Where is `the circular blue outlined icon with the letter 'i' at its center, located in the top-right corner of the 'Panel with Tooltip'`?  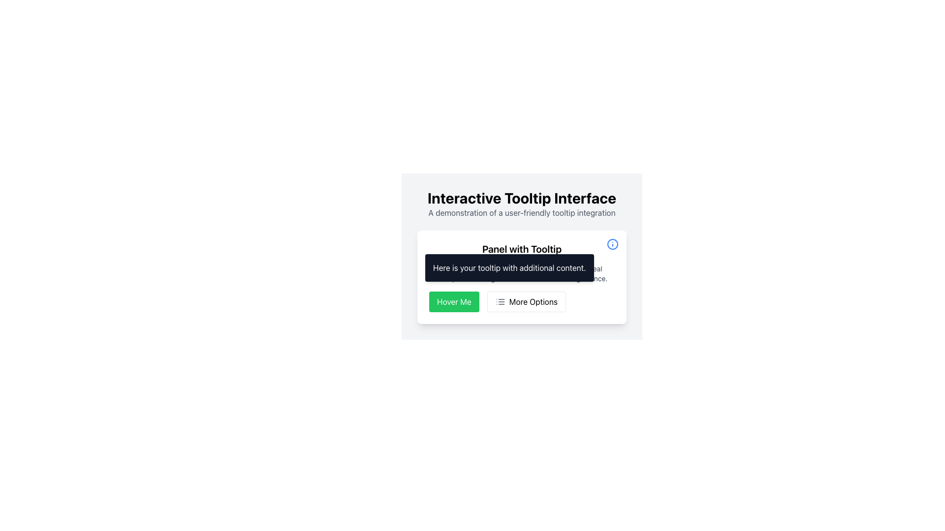 the circular blue outlined icon with the letter 'i' at its center, located in the top-right corner of the 'Panel with Tooltip' is located at coordinates (612, 244).